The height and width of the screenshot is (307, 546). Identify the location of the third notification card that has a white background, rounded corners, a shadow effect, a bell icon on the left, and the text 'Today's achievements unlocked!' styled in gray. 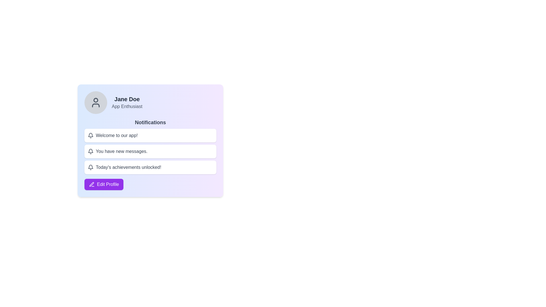
(150, 167).